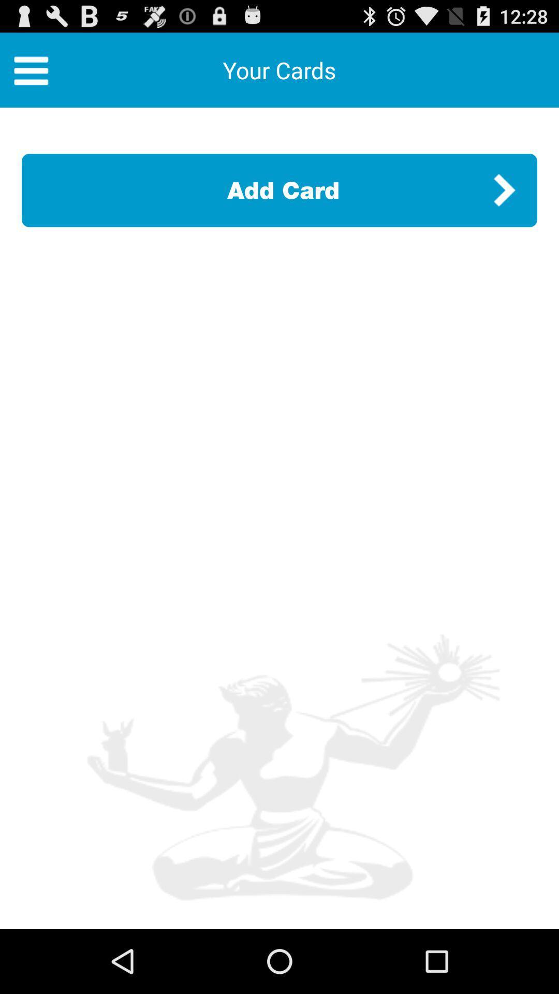 The height and width of the screenshot is (994, 559). What do you see at coordinates (31, 74) in the screenshot?
I see `the menu icon` at bounding box center [31, 74].